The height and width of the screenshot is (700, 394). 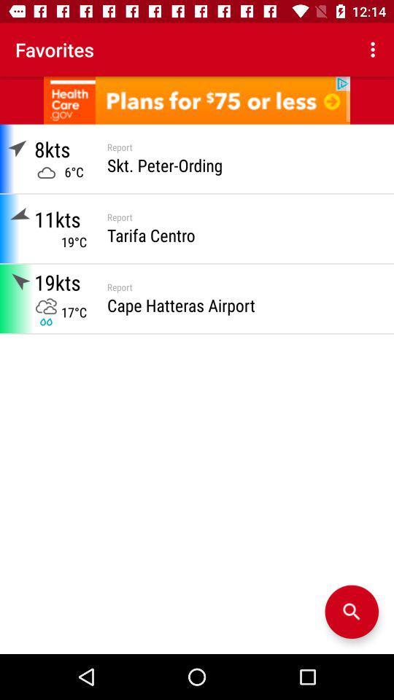 I want to click on whether, so click(x=351, y=612).